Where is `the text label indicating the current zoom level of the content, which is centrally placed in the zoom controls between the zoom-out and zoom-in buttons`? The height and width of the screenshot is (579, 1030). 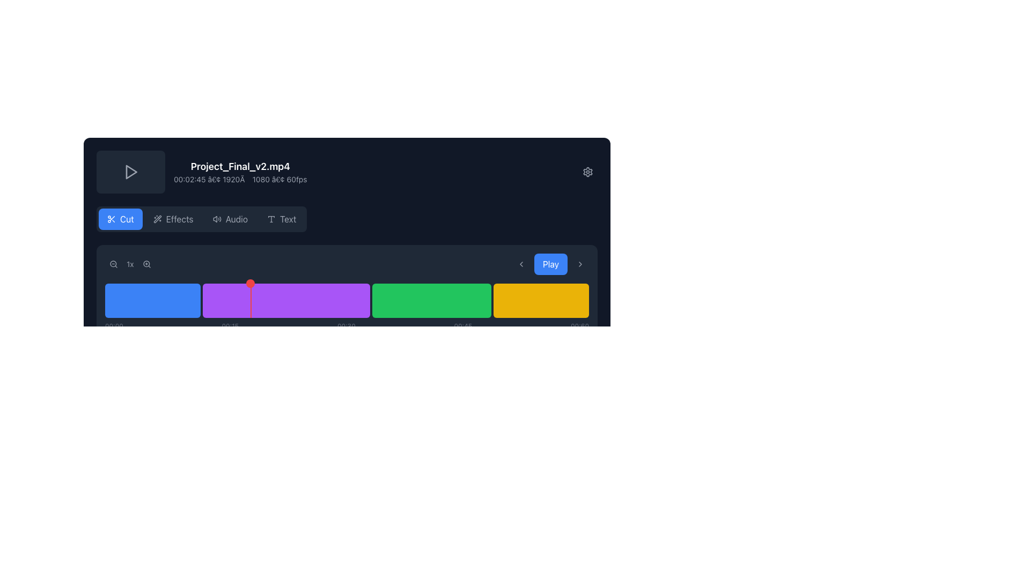 the text label indicating the current zoom level of the content, which is centrally placed in the zoom controls between the zoom-out and zoom-in buttons is located at coordinates (129, 264).